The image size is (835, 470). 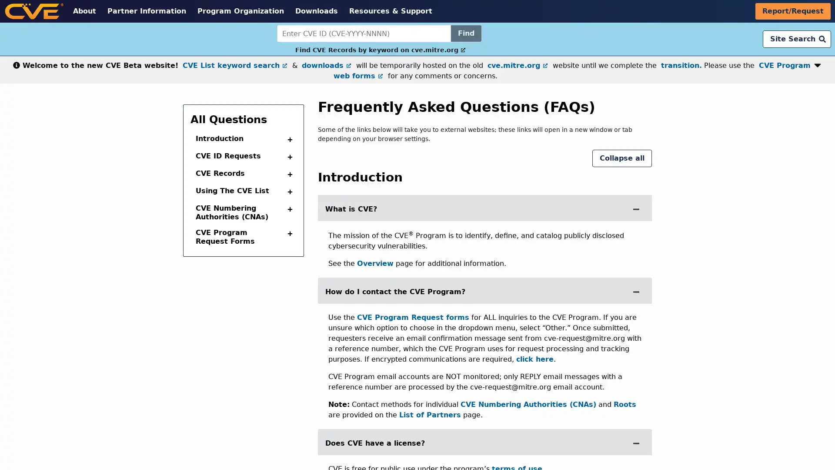 I want to click on expand, so click(x=636, y=443).